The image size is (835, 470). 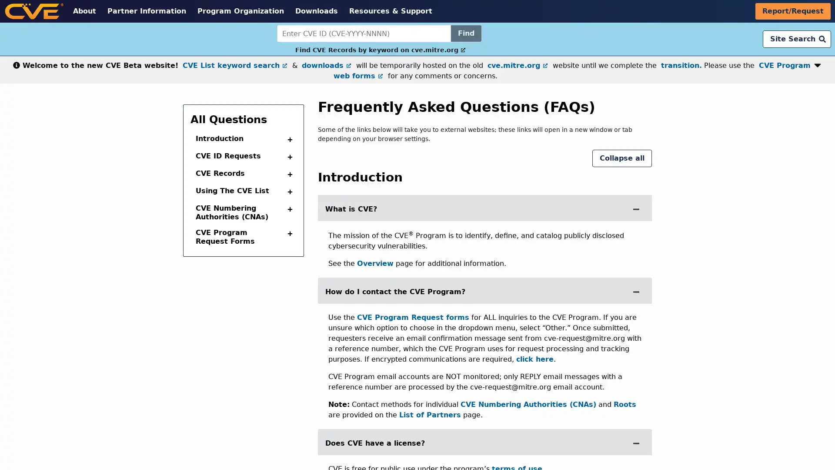 I want to click on expand, so click(x=636, y=443).